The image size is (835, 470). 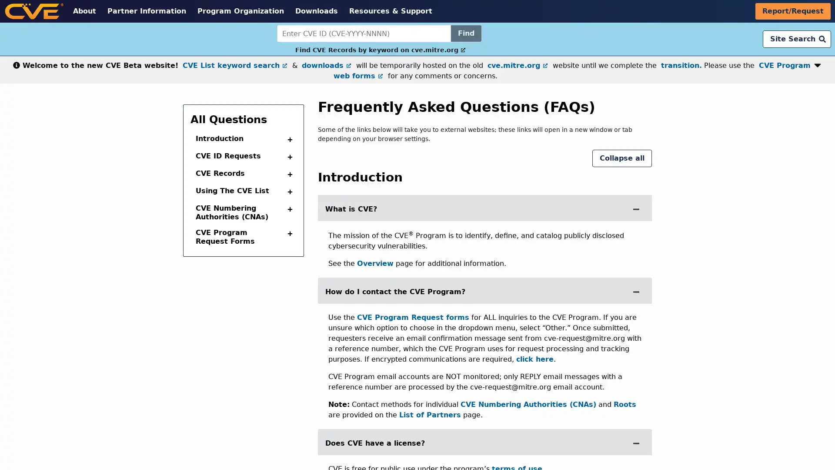 I want to click on expand, so click(x=636, y=443).